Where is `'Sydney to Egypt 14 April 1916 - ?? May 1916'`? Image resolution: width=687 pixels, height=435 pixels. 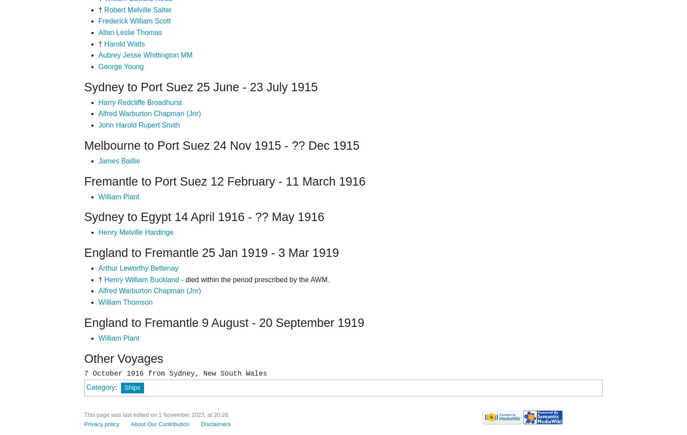
'Sydney to Egypt 14 April 1916 - ?? May 1916' is located at coordinates (204, 217).